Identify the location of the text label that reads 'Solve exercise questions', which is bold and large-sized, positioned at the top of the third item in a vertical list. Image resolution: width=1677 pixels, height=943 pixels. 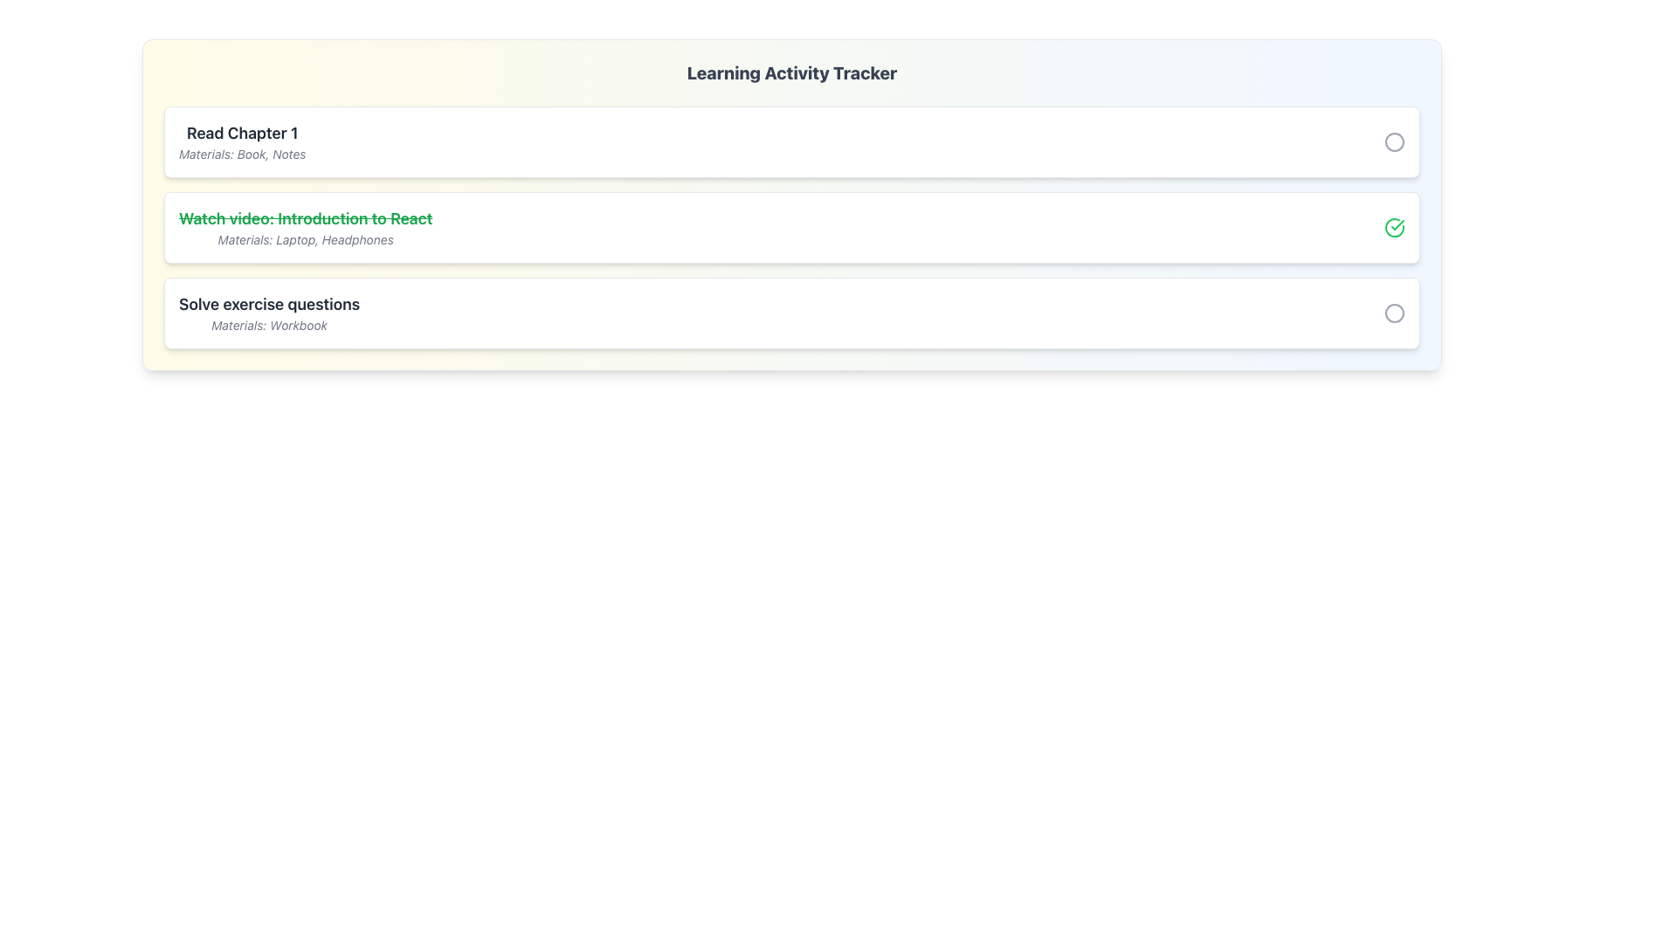
(268, 303).